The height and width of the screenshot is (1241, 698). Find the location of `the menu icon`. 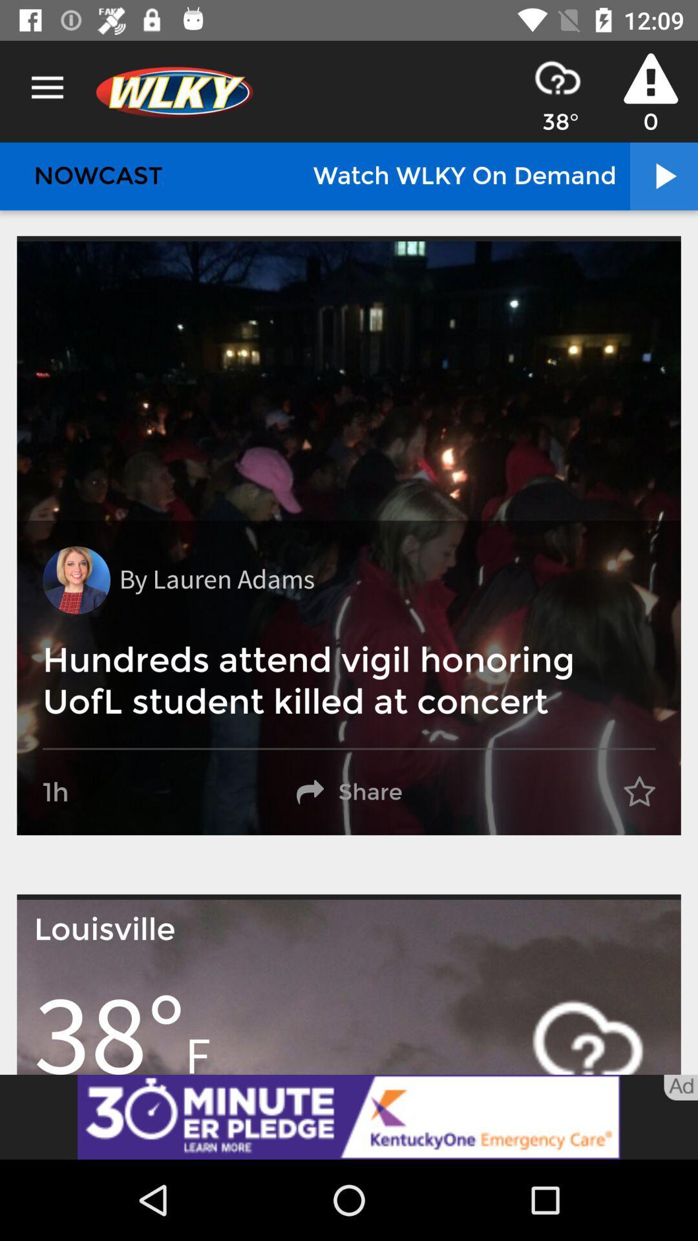

the menu icon is located at coordinates (47, 87).